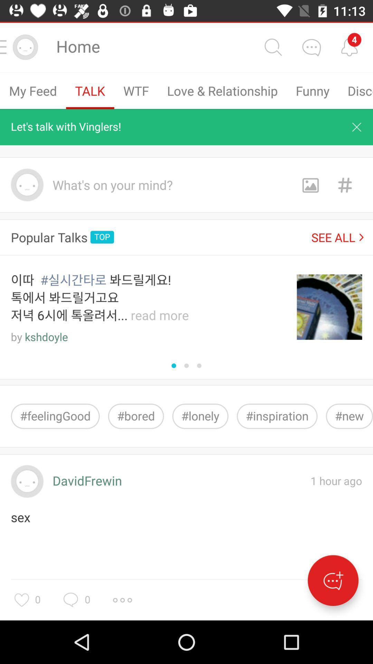  I want to click on draft new message, so click(333, 580).